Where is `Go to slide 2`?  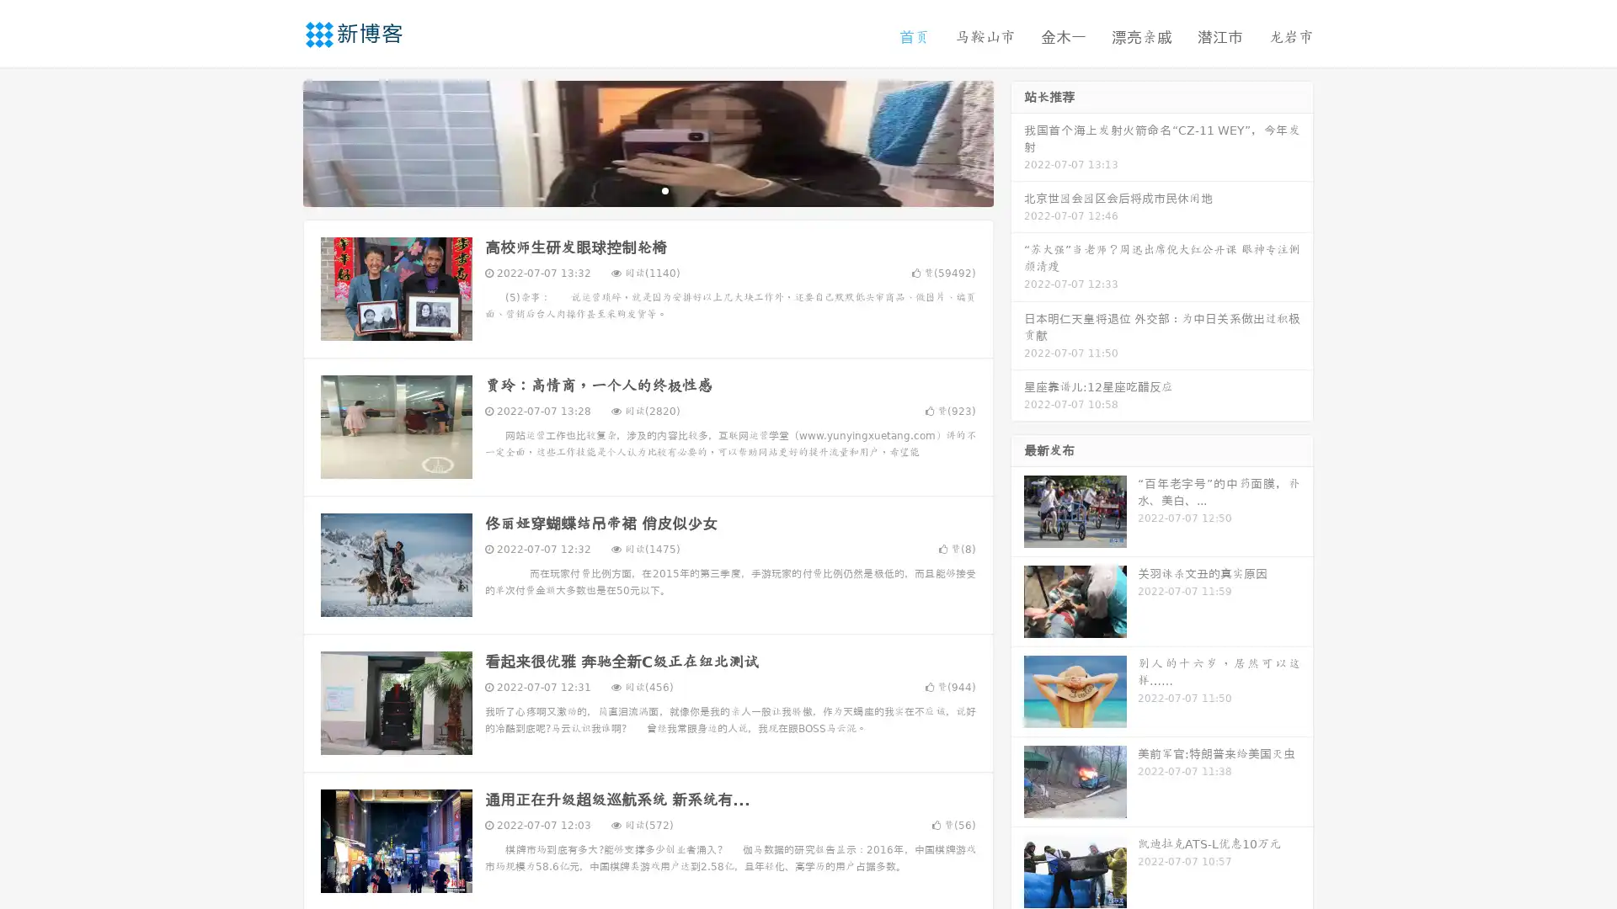
Go to slide 2 is located at coordinates (647, 189).